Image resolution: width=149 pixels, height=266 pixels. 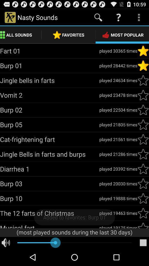 I want to click on app next to cat-frightening fart app, so click(x=118, y=139).